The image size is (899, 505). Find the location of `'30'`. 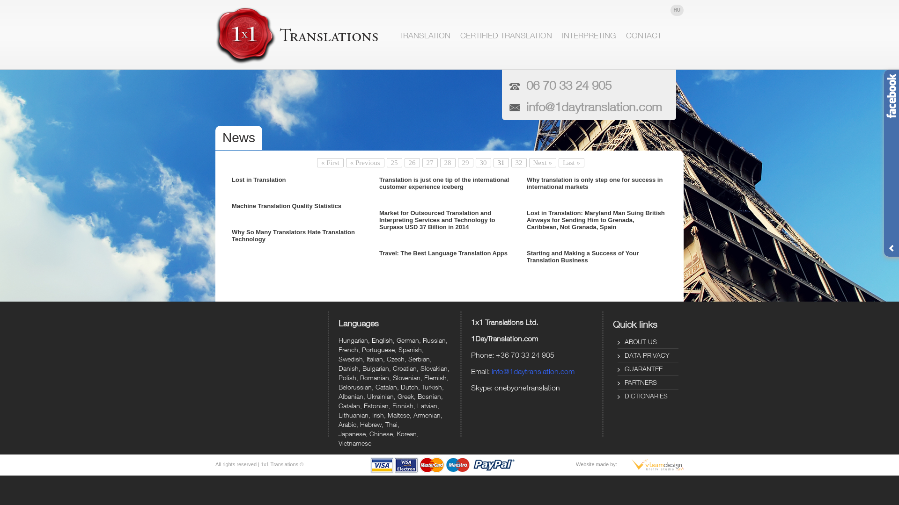

'30' is located at coordinates (483, 162).